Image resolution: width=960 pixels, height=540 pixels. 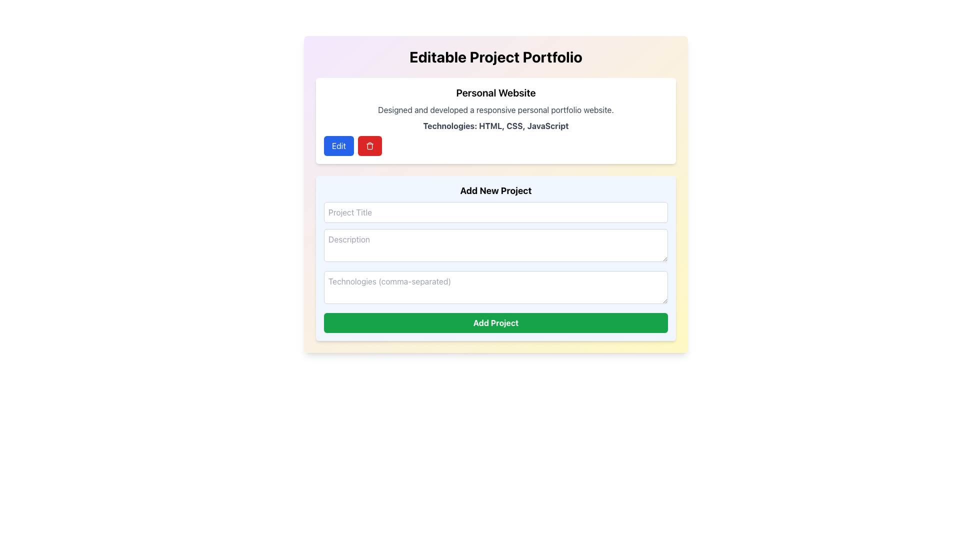 I want to click on the 'Add Project' button, which is a green rectangular button with bold white text, located below the input fields for 'Project Title', 'Description', and 'Technologies', so click(x=496, y=322).